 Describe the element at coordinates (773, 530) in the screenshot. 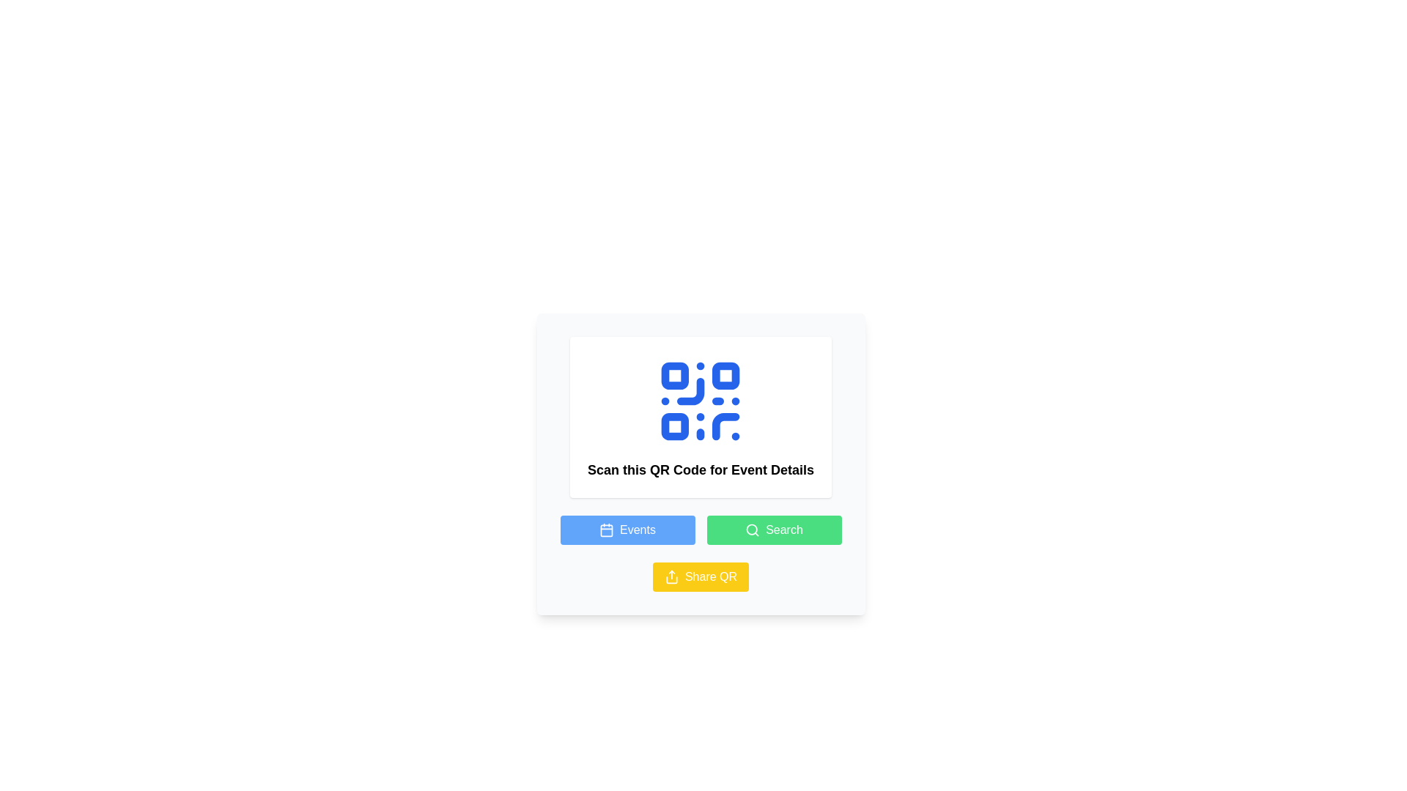

I see `the search button located at the bottom section of the content area, adjacent to the 'Events' button and above the 'Share QR' button` at that location.